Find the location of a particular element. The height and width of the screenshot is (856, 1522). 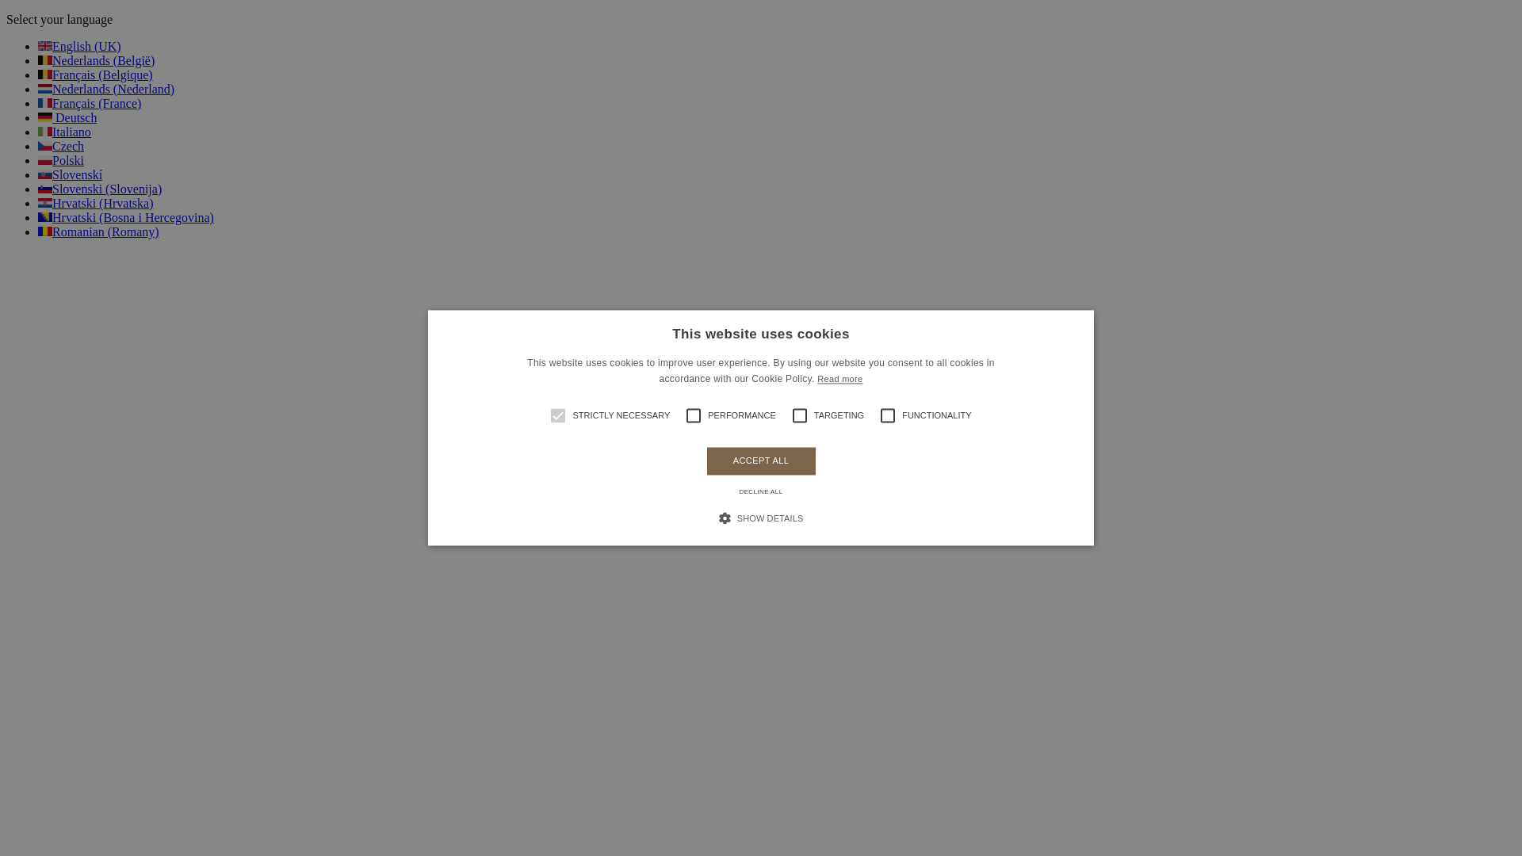

'Deutsch' is located at coordinates (67, 117).